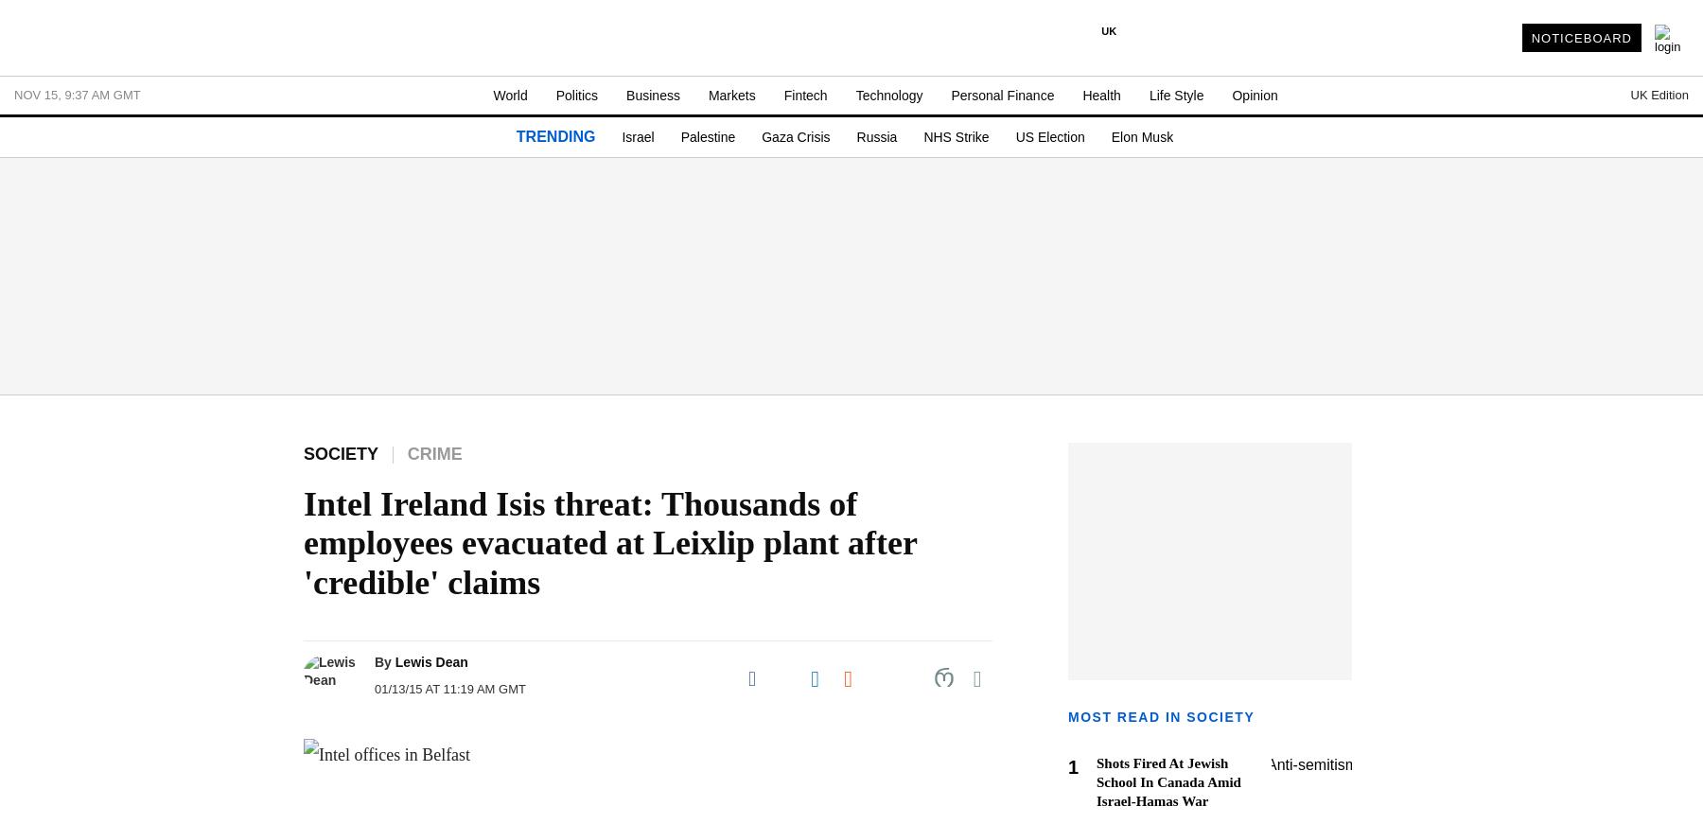 The height and width of the screenshot is (824, 1703). Describe the element at coordinates (1246, 372) in the screenshot. I see `'United States'` at that location.